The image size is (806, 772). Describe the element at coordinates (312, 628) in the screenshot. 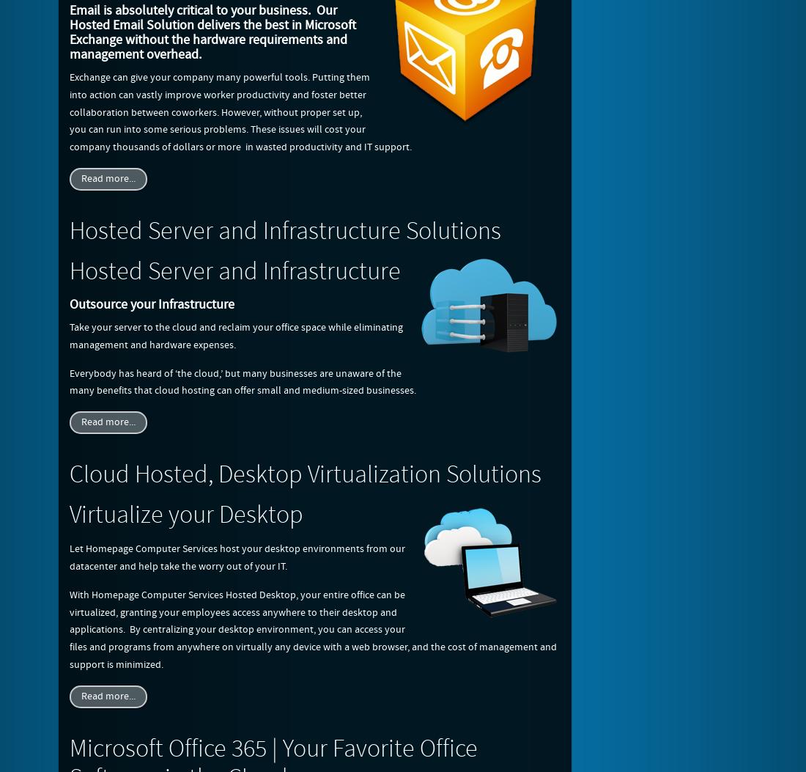

I see `'With Homepage Computer Services Hosted Desktop, your entire office can be virtualized, granting your employees access anywhere to their desktop and applications.  By centralizing your desktop environment, you can access your files and programs from anywhere on virtually any device with a web browser, and the cost of management and support is minimized.'` at that location.